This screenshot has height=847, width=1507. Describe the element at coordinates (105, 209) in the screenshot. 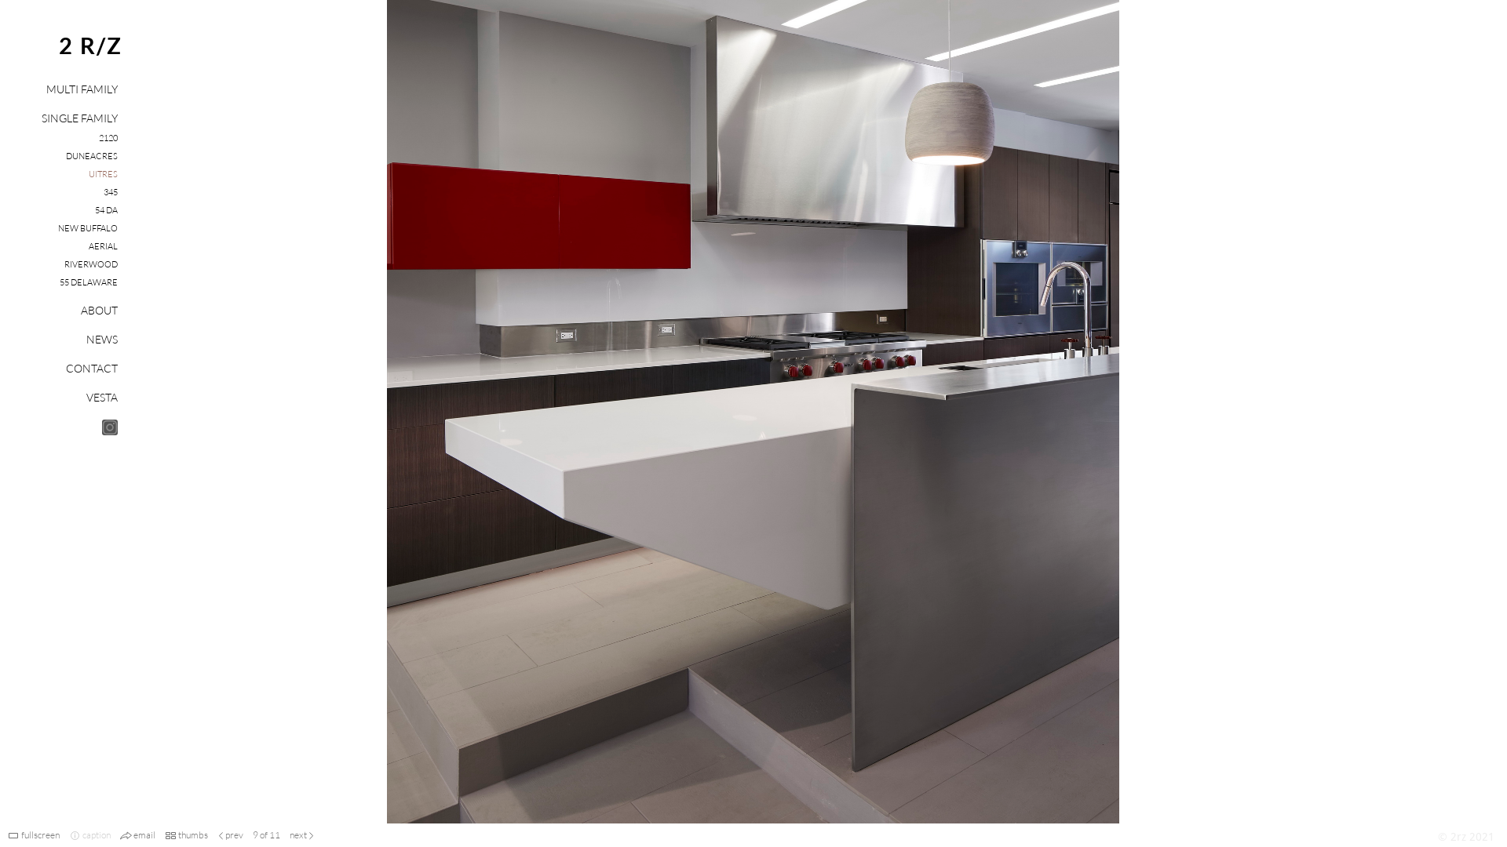

I see `'54 DA'` at that location.